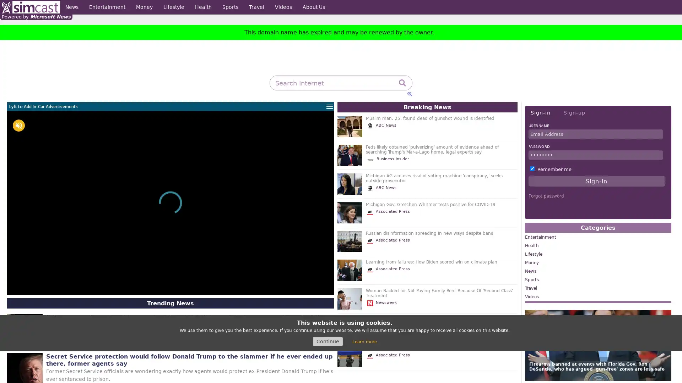  I want to click on Continue, so click(327, 341).